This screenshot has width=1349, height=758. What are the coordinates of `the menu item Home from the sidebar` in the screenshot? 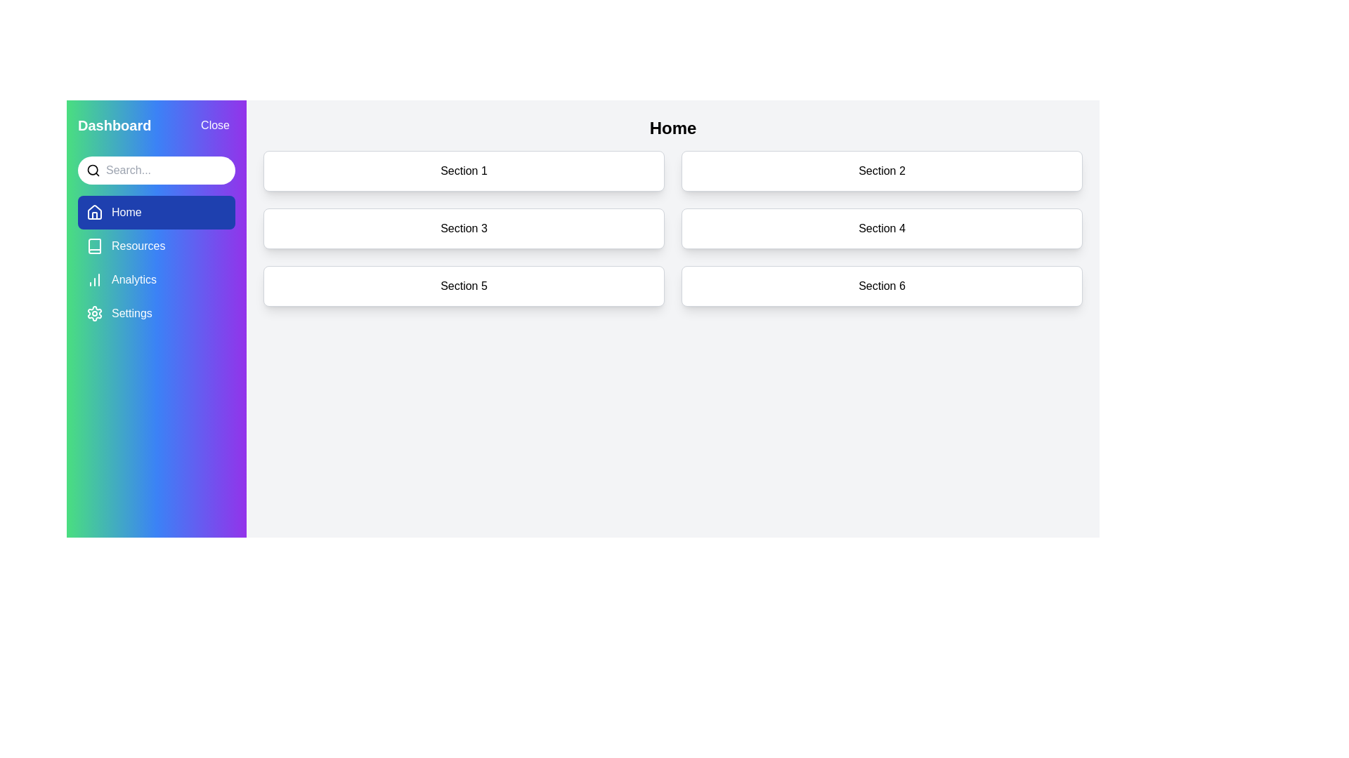 It's located at (156, 213).